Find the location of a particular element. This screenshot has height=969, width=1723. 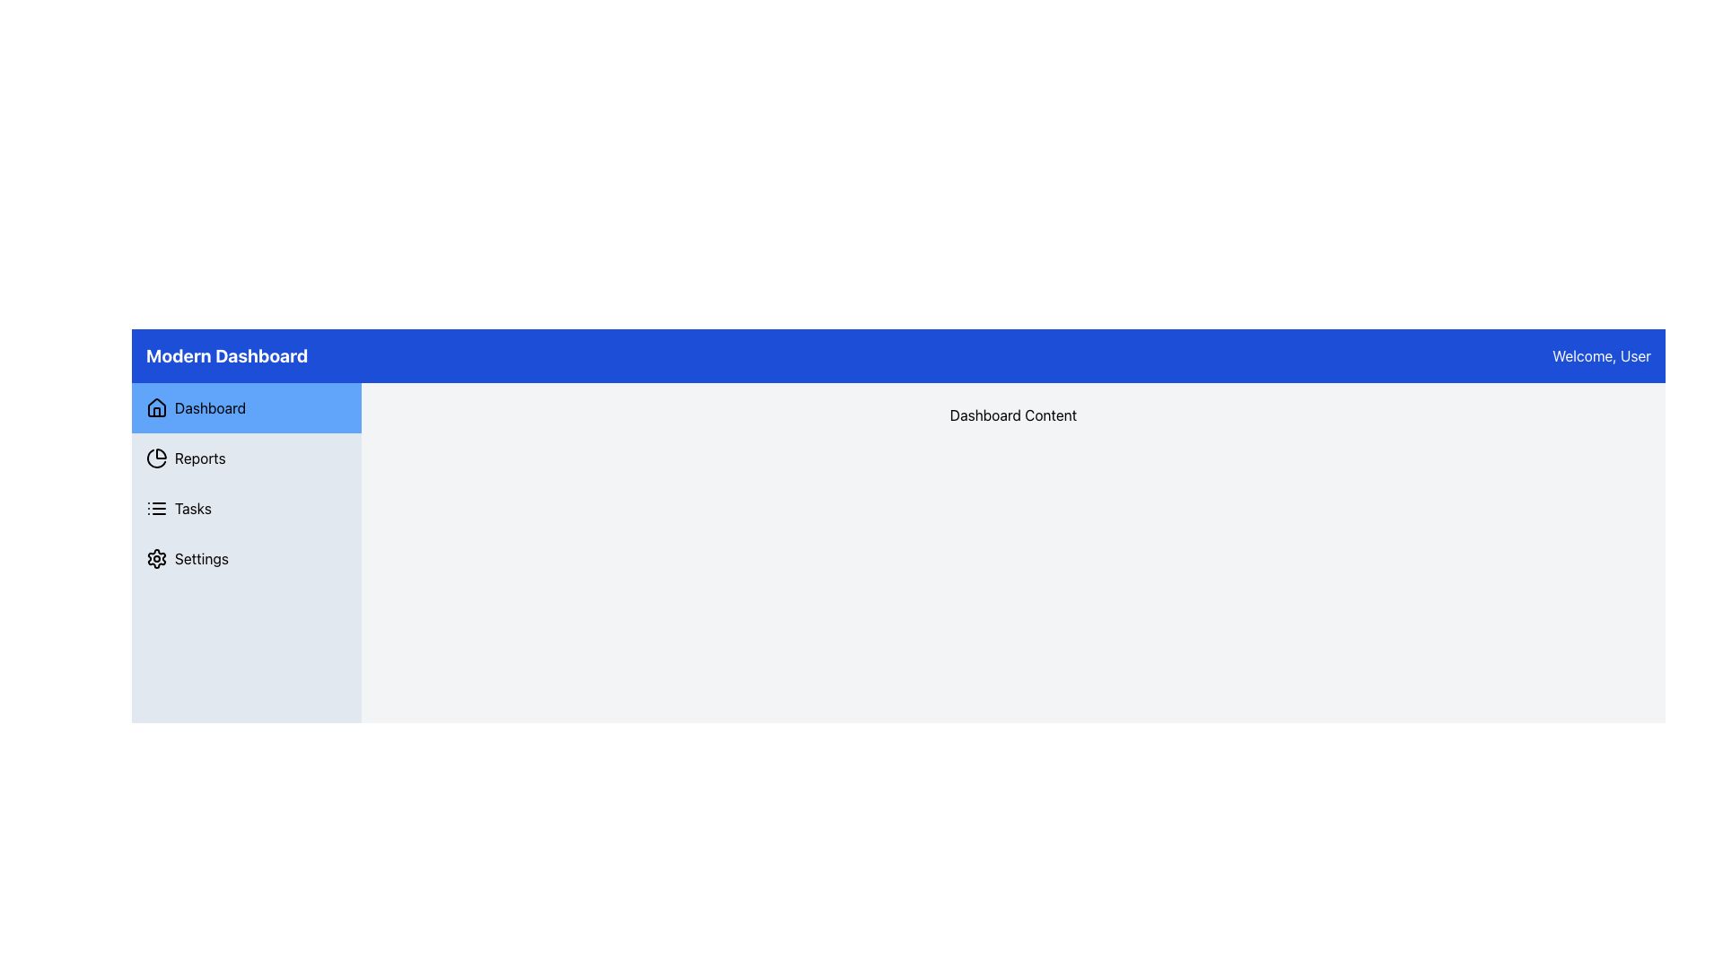

the 'Settings' Navigation Menu Item to trigger the style change for the hover effect is located at coordinates (245, 558).